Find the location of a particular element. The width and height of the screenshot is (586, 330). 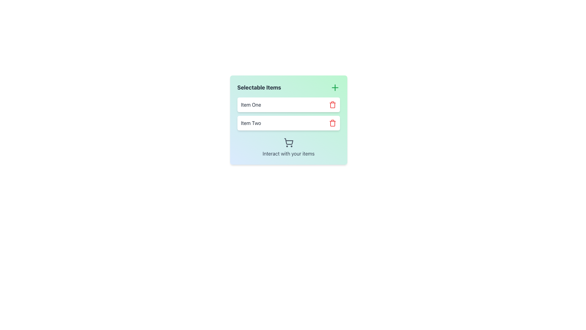

the delete button located to the right of 'Item Two' in the second row of the 'Selectable Items' list is located at coordinates (332, 123).